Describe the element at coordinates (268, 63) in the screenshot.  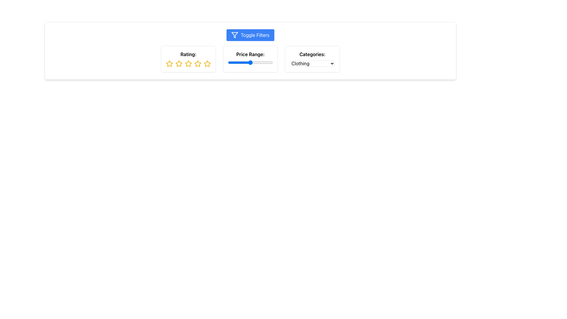
I see `the price range slider` at that location.